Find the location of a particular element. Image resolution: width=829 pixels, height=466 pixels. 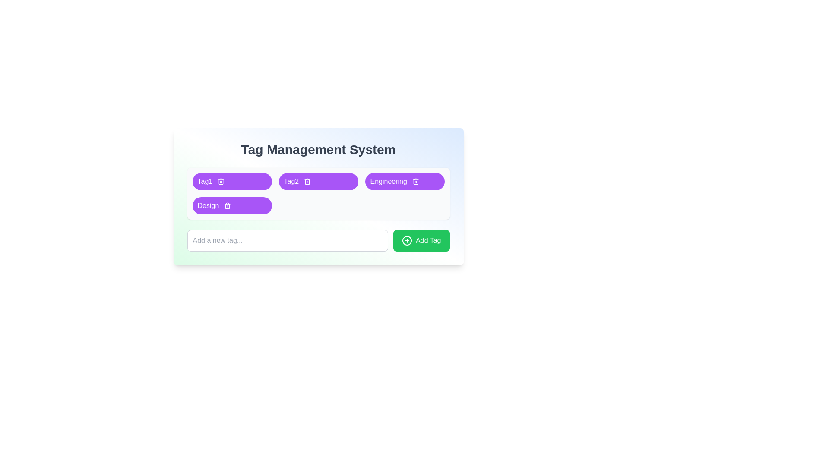

the graphical UI component that represents the addition function, which serves as the background for the 'Add Tag' button located on the right side of the interface is located at coordinates (407, 241).